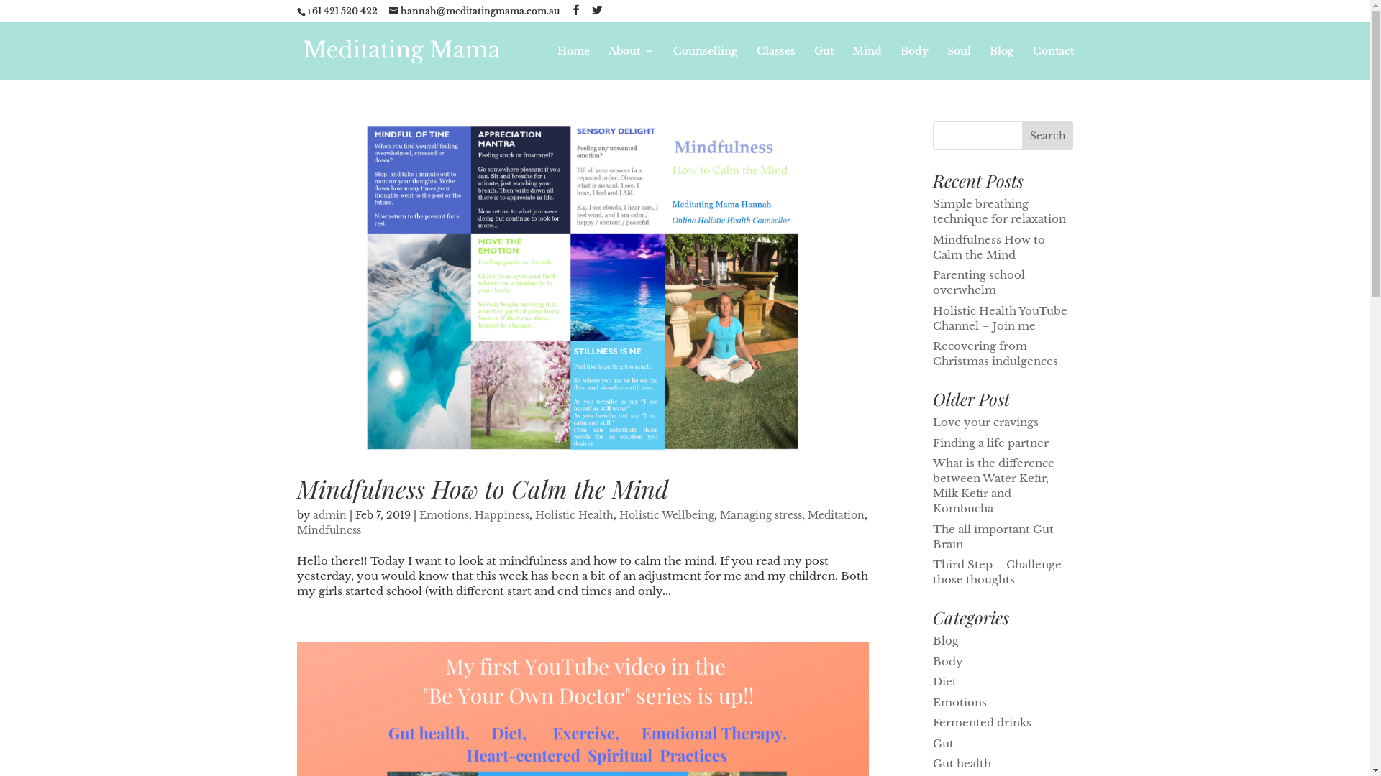 Image resolution: width=1381 pixels, height=776 pixels. Describe the element at coordinates (824, 62) in the screenshot. I see `'Gut'` at that location.